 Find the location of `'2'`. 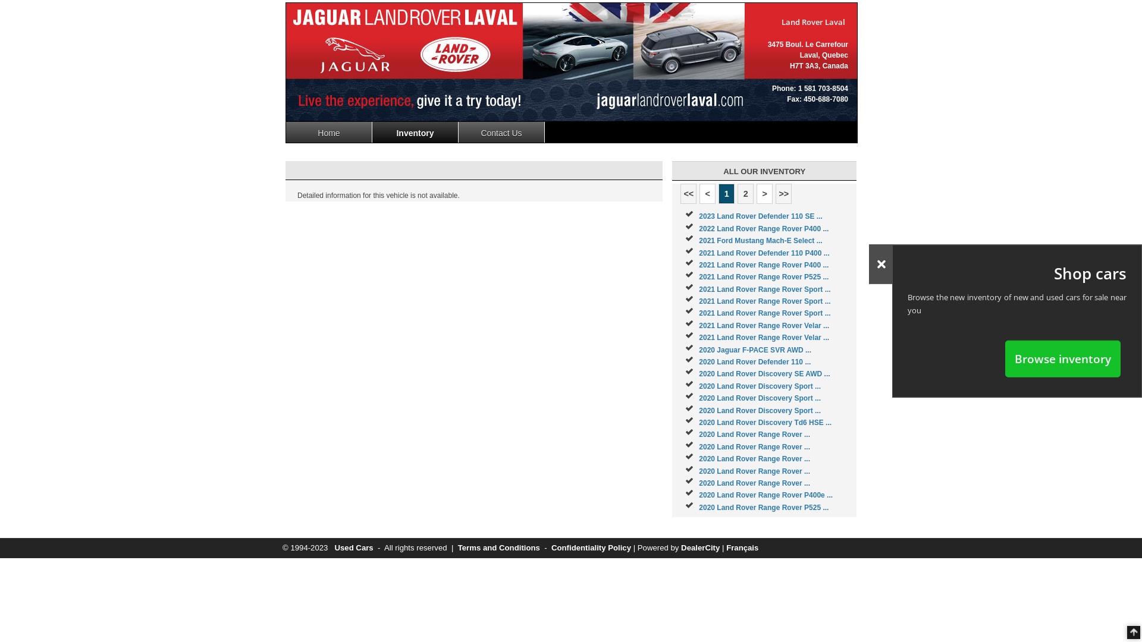

'2' is located at coordinates (745, 193).